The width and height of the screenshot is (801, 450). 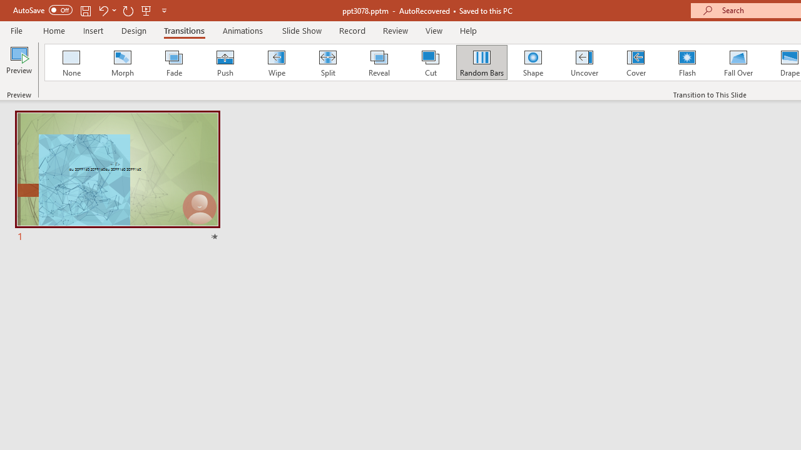 What do you see at coordinates (533, 62) in the screenshot?
I see `'Shape'` at bounding box center [533, 62].